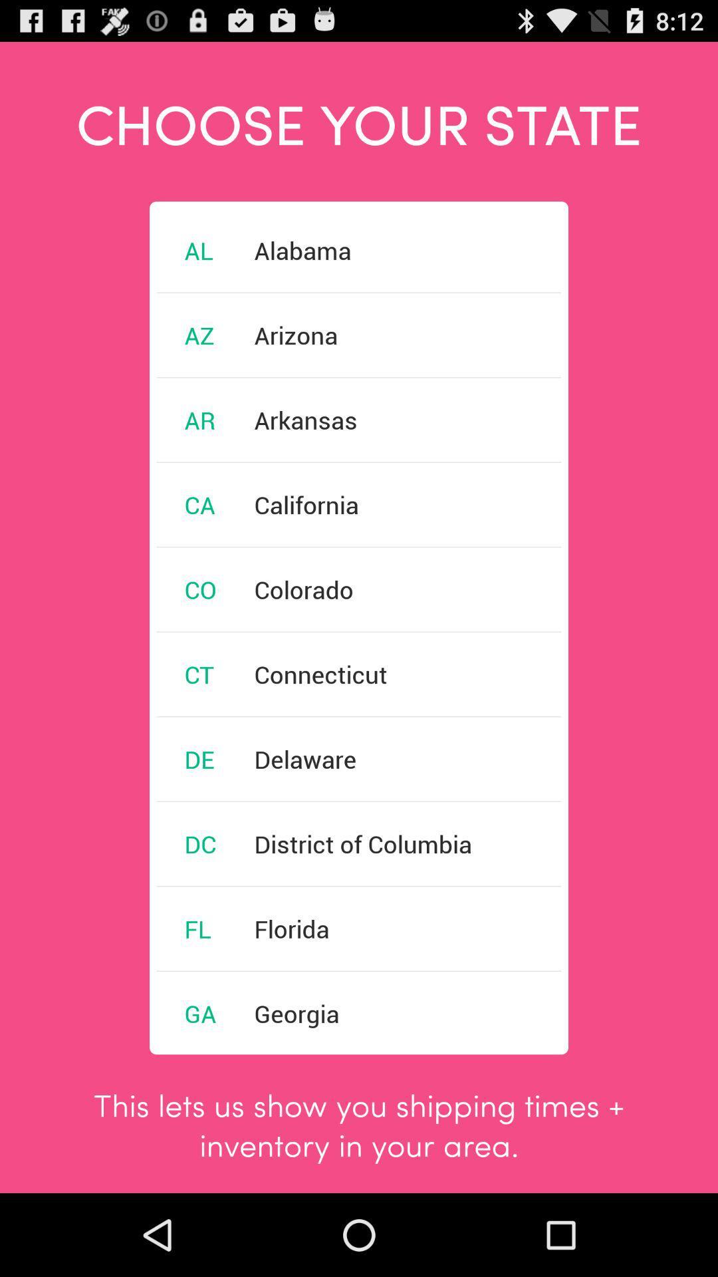  What do you see at coordinates (296, 1012) in the screenshot?
I see `the icon to the right of the ga item` at bounding box center [296, 1012].